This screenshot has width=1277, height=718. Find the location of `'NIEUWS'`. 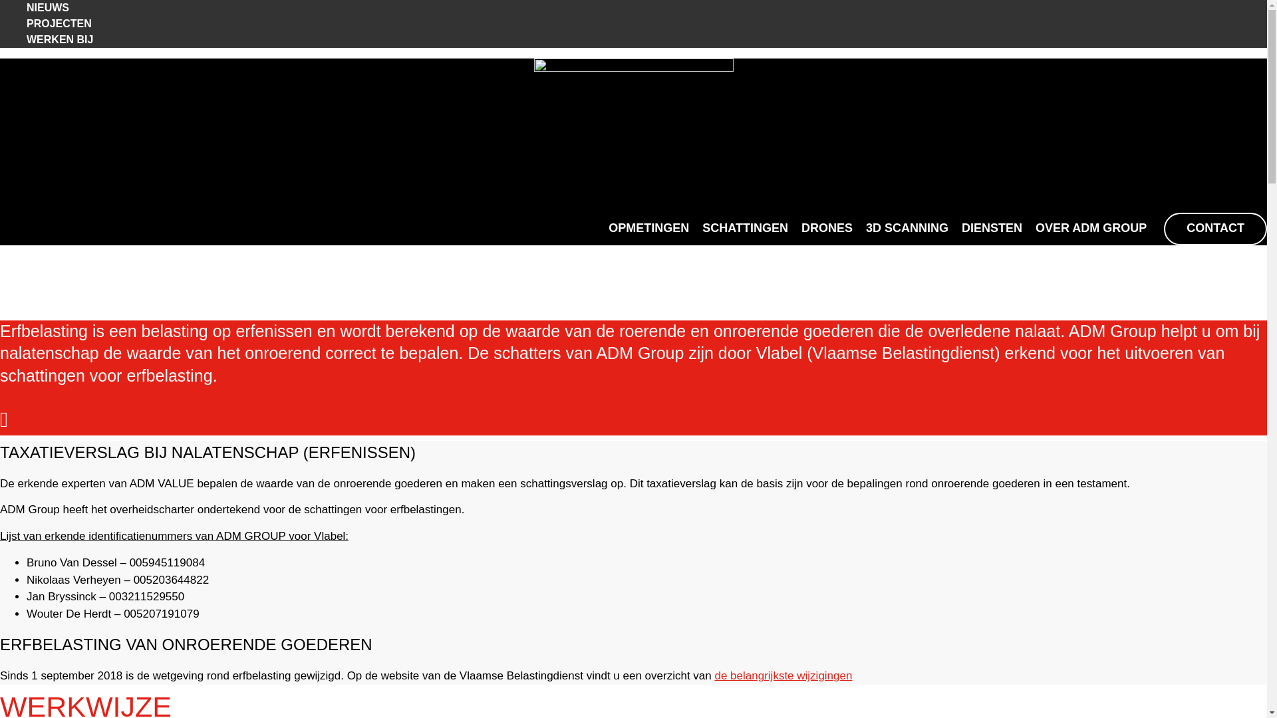

'NIEUWS' is located at coordinates (48, 7).